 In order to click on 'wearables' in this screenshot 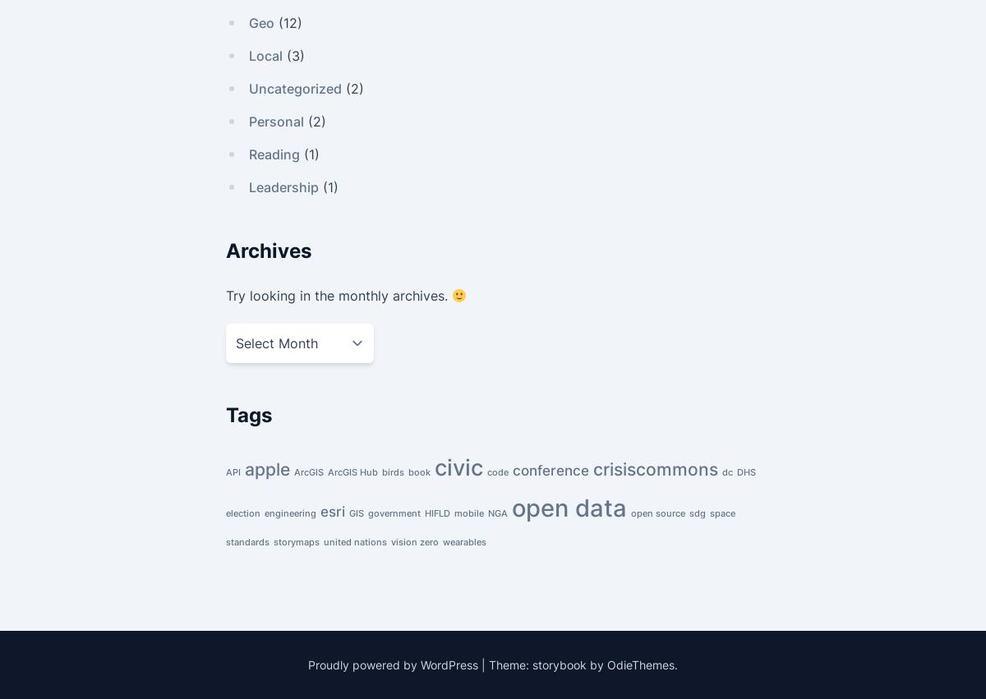, I will do `click(463, 542)`.